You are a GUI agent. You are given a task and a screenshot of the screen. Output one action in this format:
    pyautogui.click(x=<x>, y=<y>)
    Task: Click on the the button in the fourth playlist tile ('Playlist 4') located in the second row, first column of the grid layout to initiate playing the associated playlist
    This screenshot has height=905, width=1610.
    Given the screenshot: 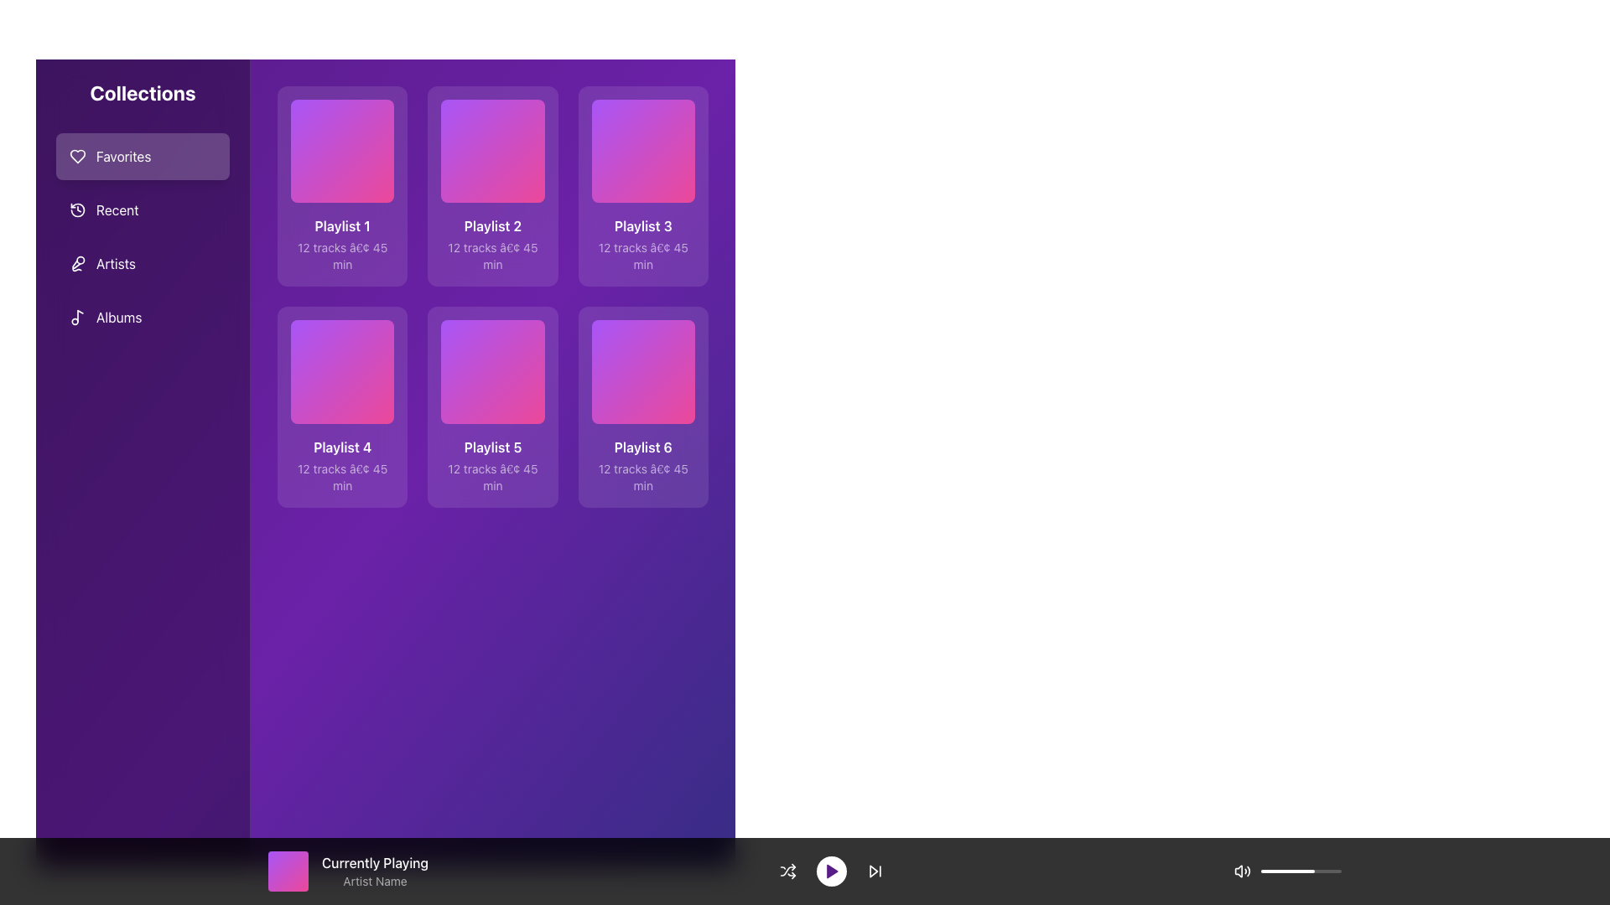 What is the action you would take?
    pyautogui.click(x=341, y=370)
    